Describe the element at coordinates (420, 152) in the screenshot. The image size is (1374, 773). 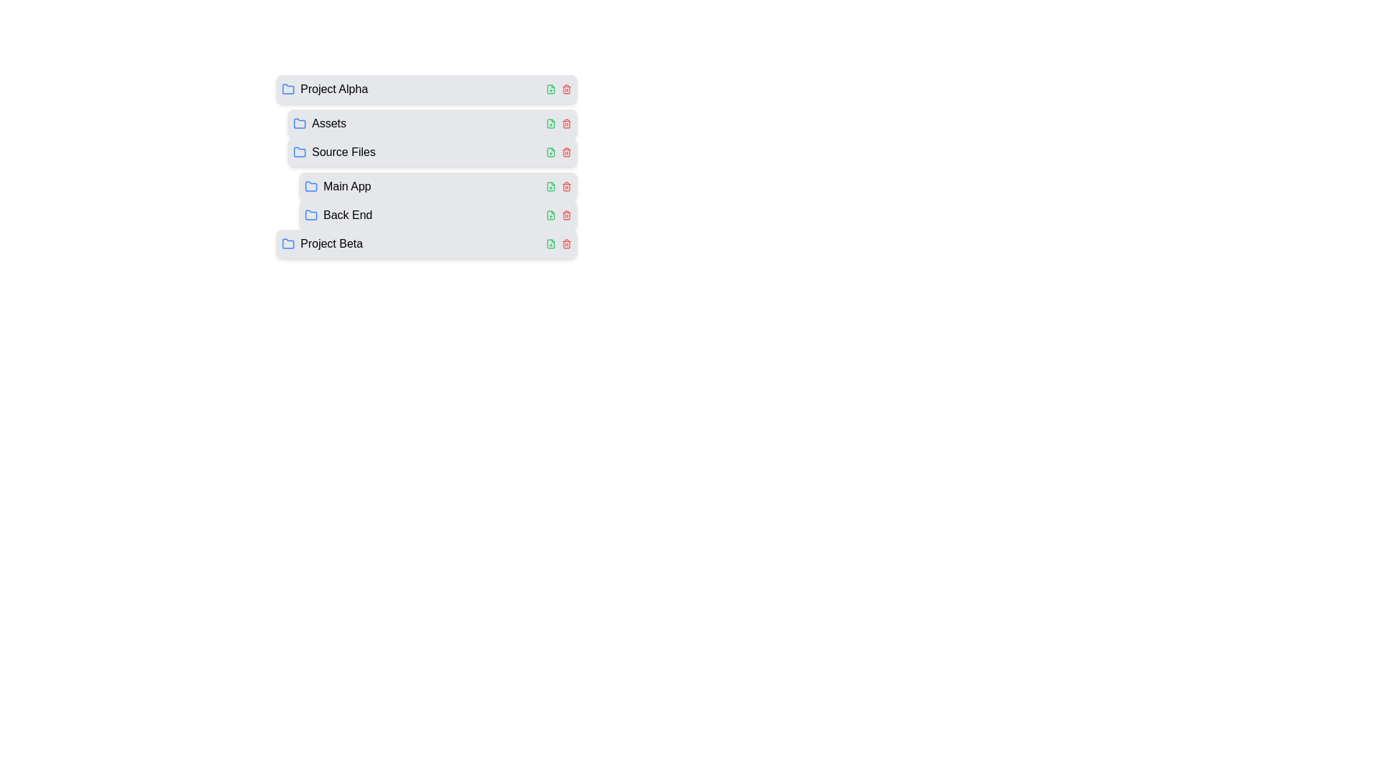
I see `the 'Source Files' list item, which contains a folder icon and action icons` at that location.